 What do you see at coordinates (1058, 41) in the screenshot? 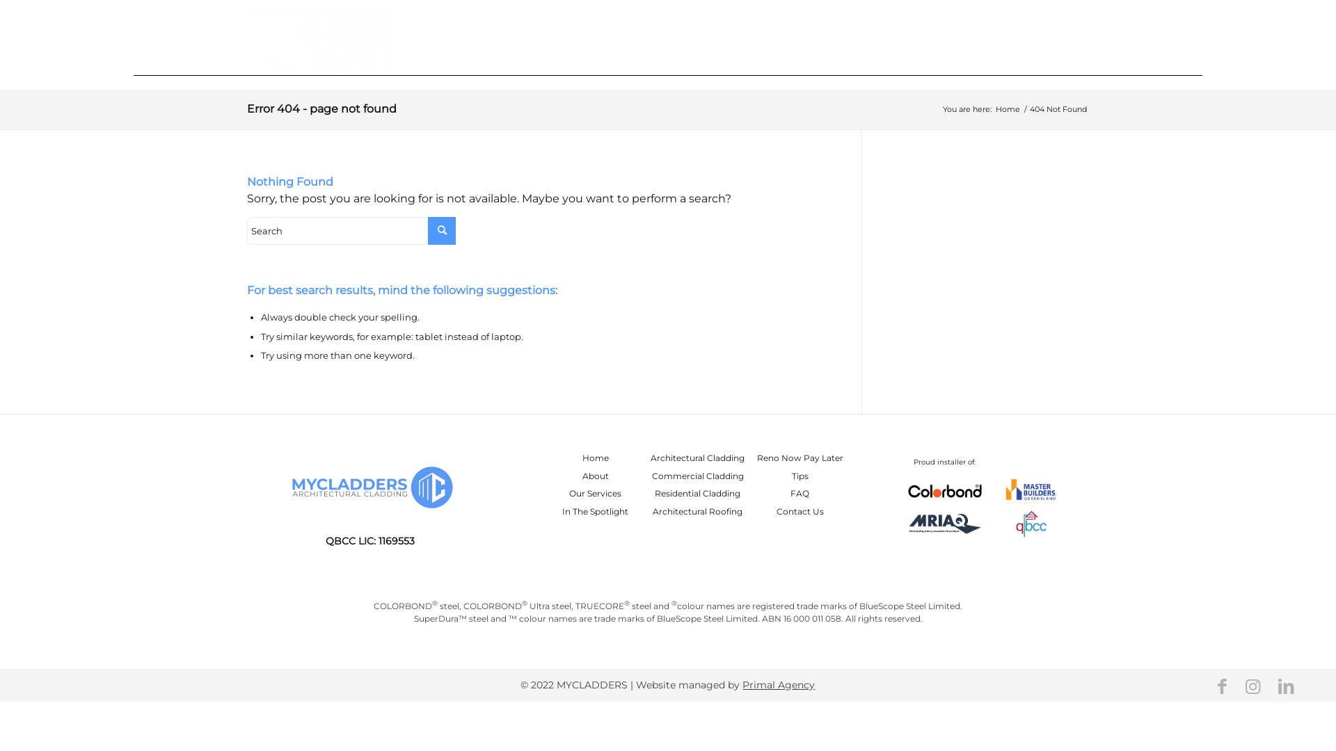
I see `'Contact Us'` at bounding box center [1058, 41].